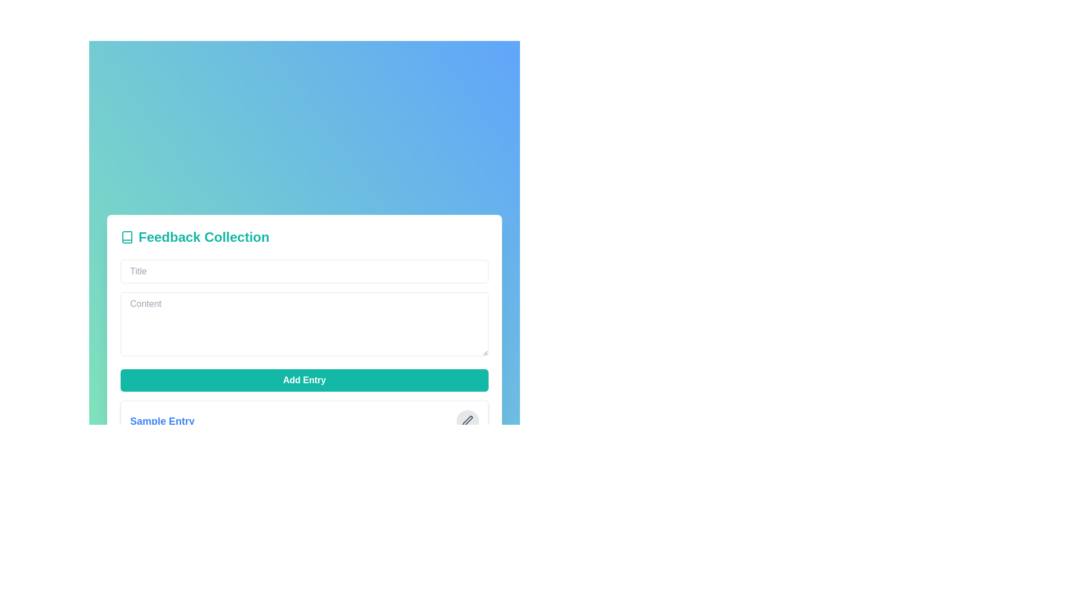  Describe the element at coordinates (127, 236) in the screenshot. I see `the teal book outline icon located to the left of the 'Feedback Collection' heading text` at that location.